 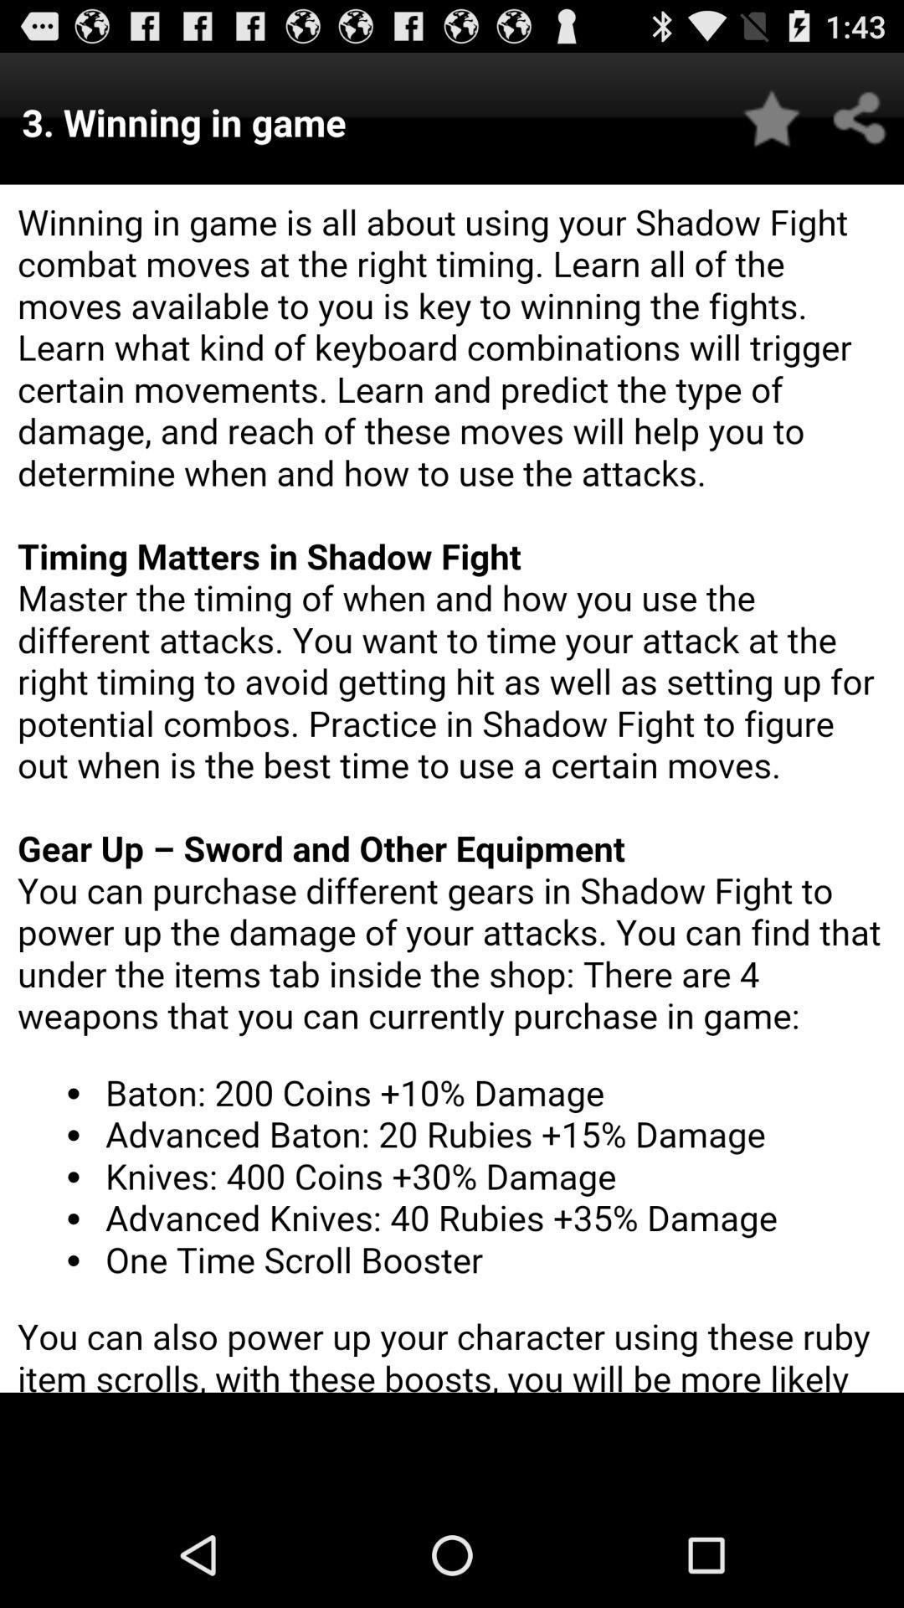 What do you see at coordinates (772, 117) in the screenshot?
I see `article` at bounding box center [772, 117].